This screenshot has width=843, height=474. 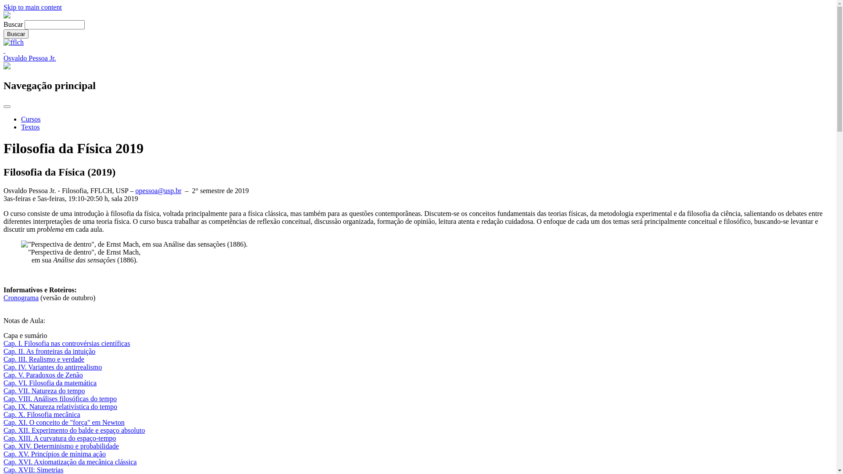 What do you see at coordinates (4, 390) in the screenshot?
I see `'Cap. VII. Natureza do tempo'` at bounding box center [4, 390].